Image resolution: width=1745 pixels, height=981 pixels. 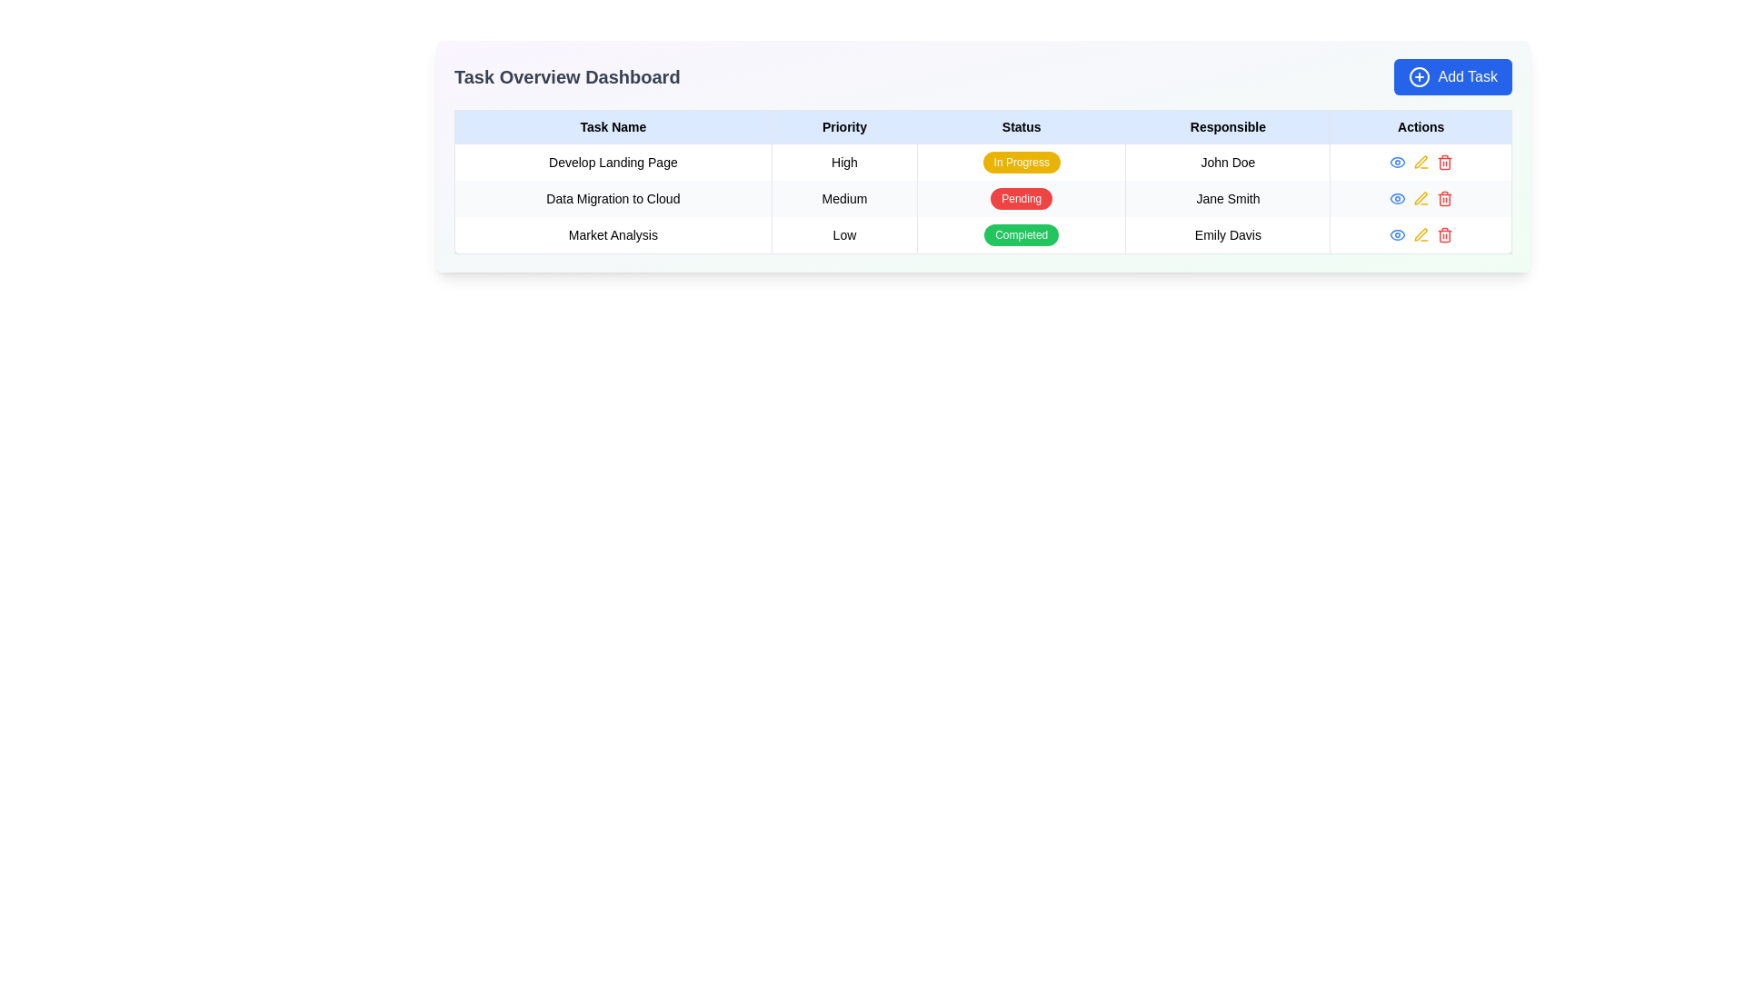 What do you see at coordinates (1022, 161) in the screenshot?
I see `the 'In Progress' status label located in the 'Status' column of the first row of the task overview table` at bounding box center [1022, 161].